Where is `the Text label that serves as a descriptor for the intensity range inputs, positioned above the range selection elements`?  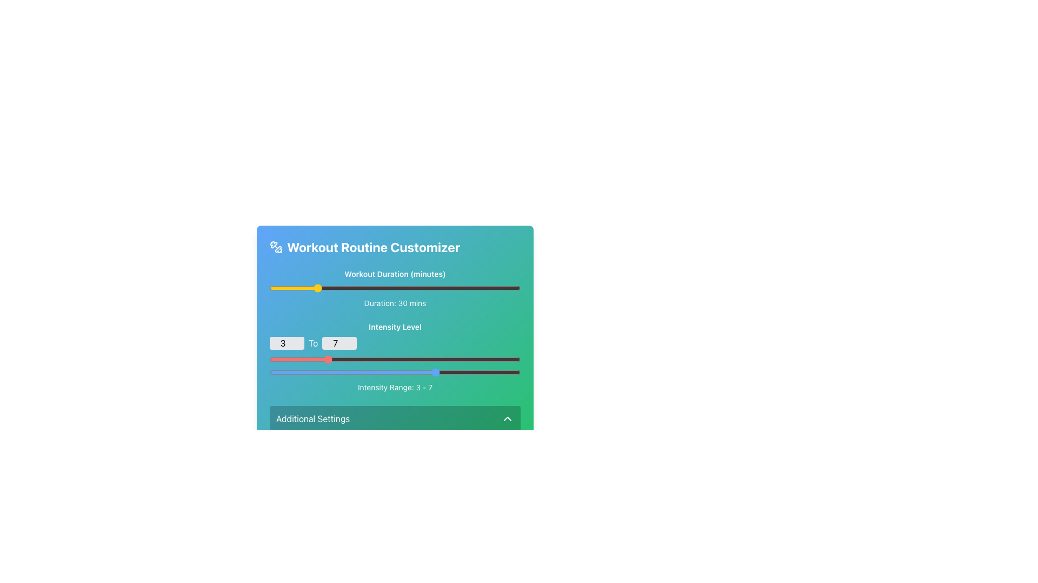 the Text label that serves as a descriptor for the intensity range inputs, positioned above the range selection elements is located at coordinates (394, 326).